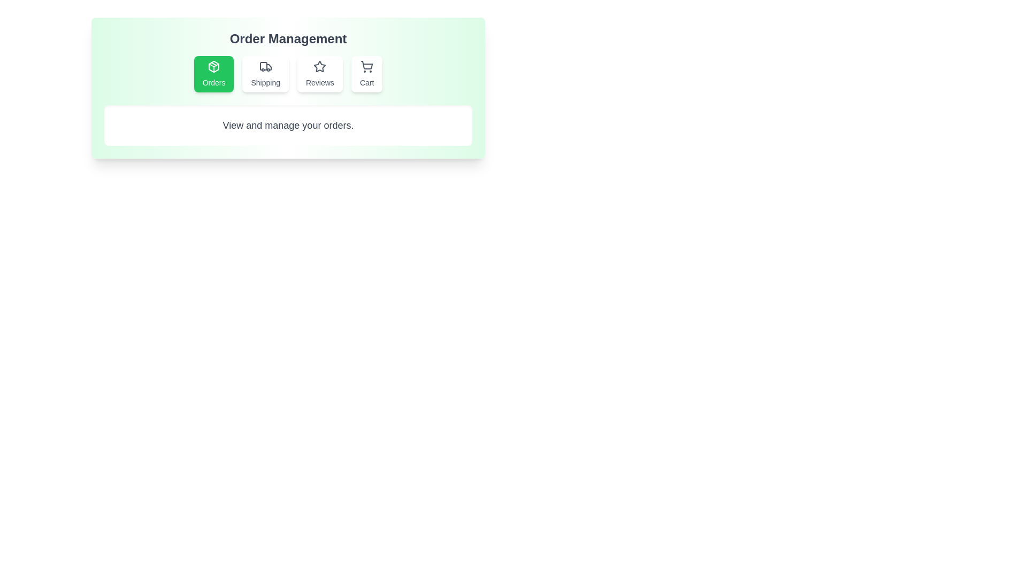 The image size is (1027, 577). Describe the element at coordinates (265, 66) in the screenshot. I see `the truck icon associated with the 'Shipping' label in the 'Order Management' section` at that location.